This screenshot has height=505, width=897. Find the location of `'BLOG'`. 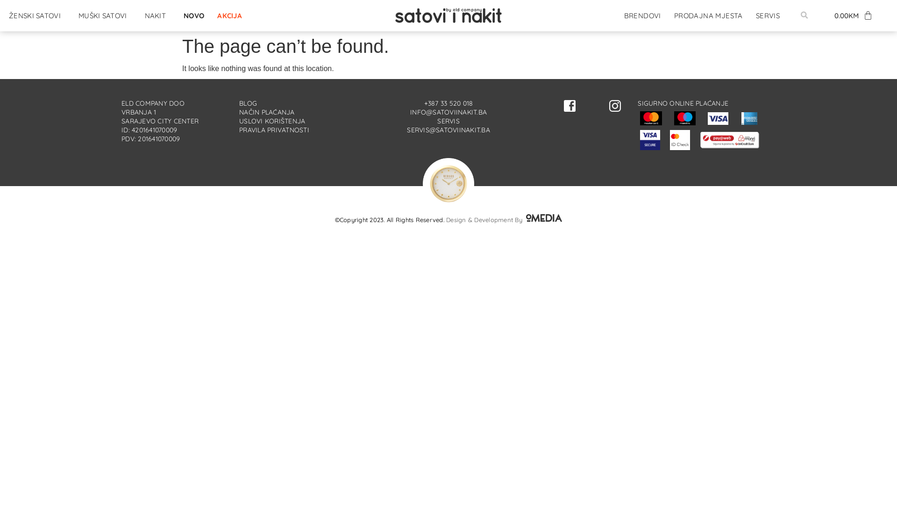

'BLOG' is located at coordinates (248, 103).